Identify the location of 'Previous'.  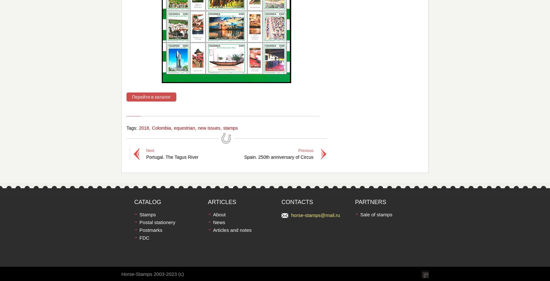
(306, 150).